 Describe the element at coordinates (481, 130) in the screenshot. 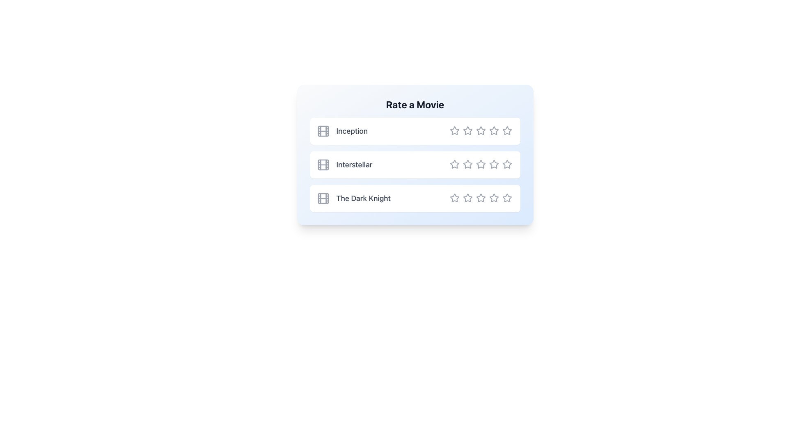

I see `the third star-shaped rating button for the movie 'Inception' to assign a 3-star rating` at that location.